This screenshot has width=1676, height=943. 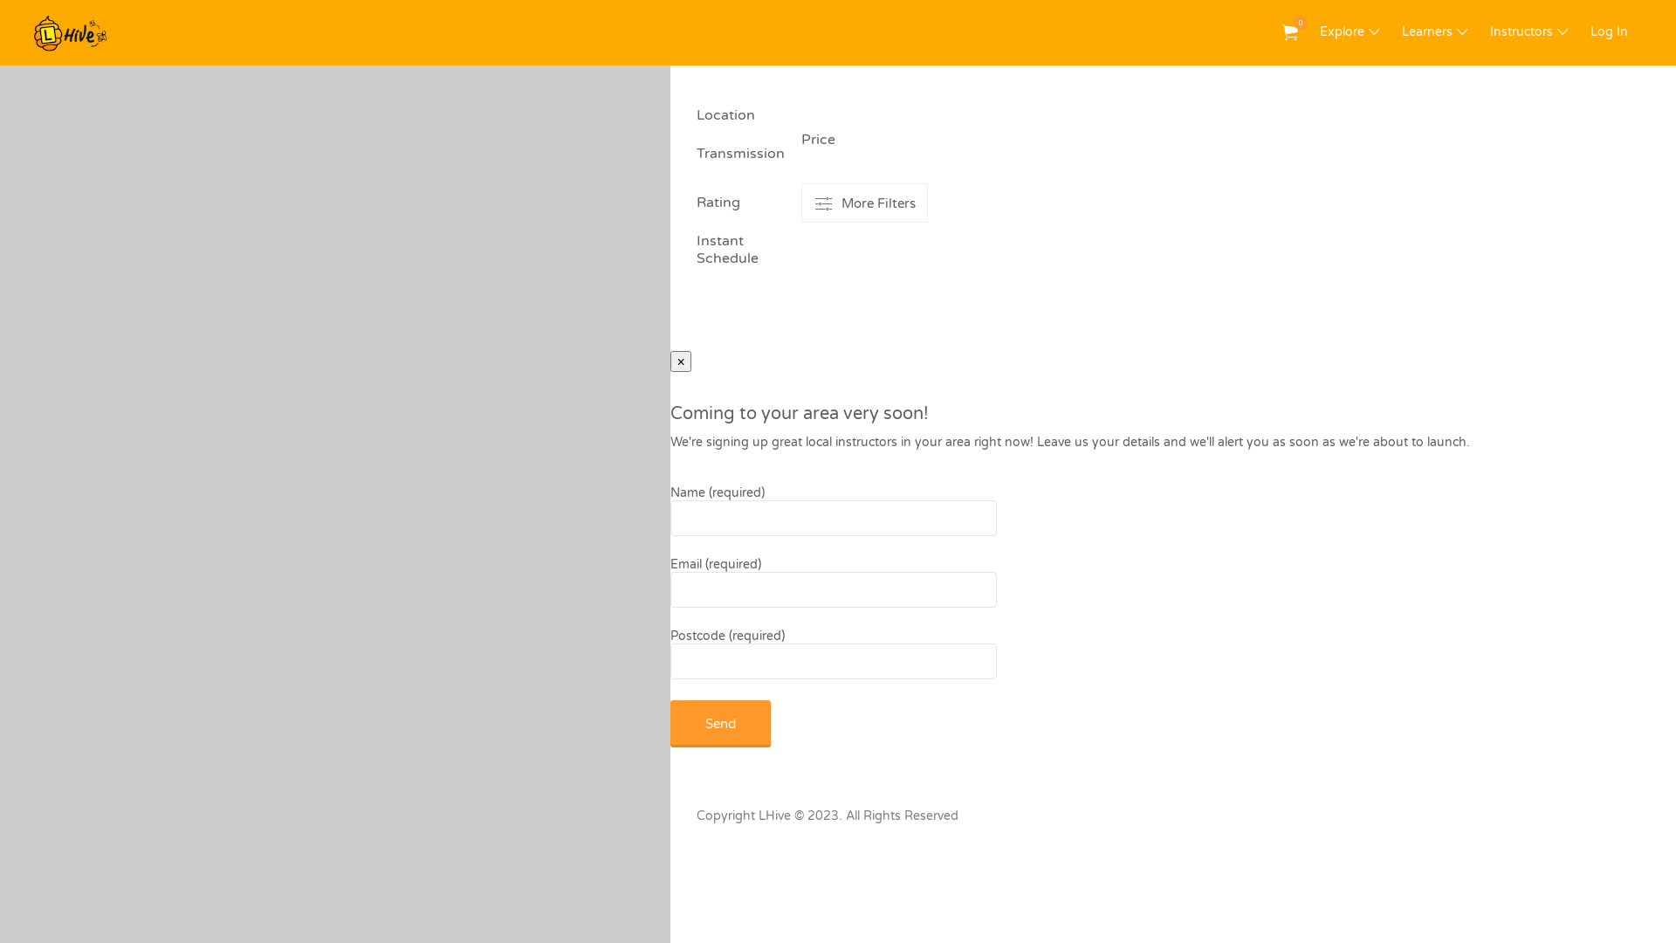 I want to click on 'Instructors', so click(x=1520, y=31).